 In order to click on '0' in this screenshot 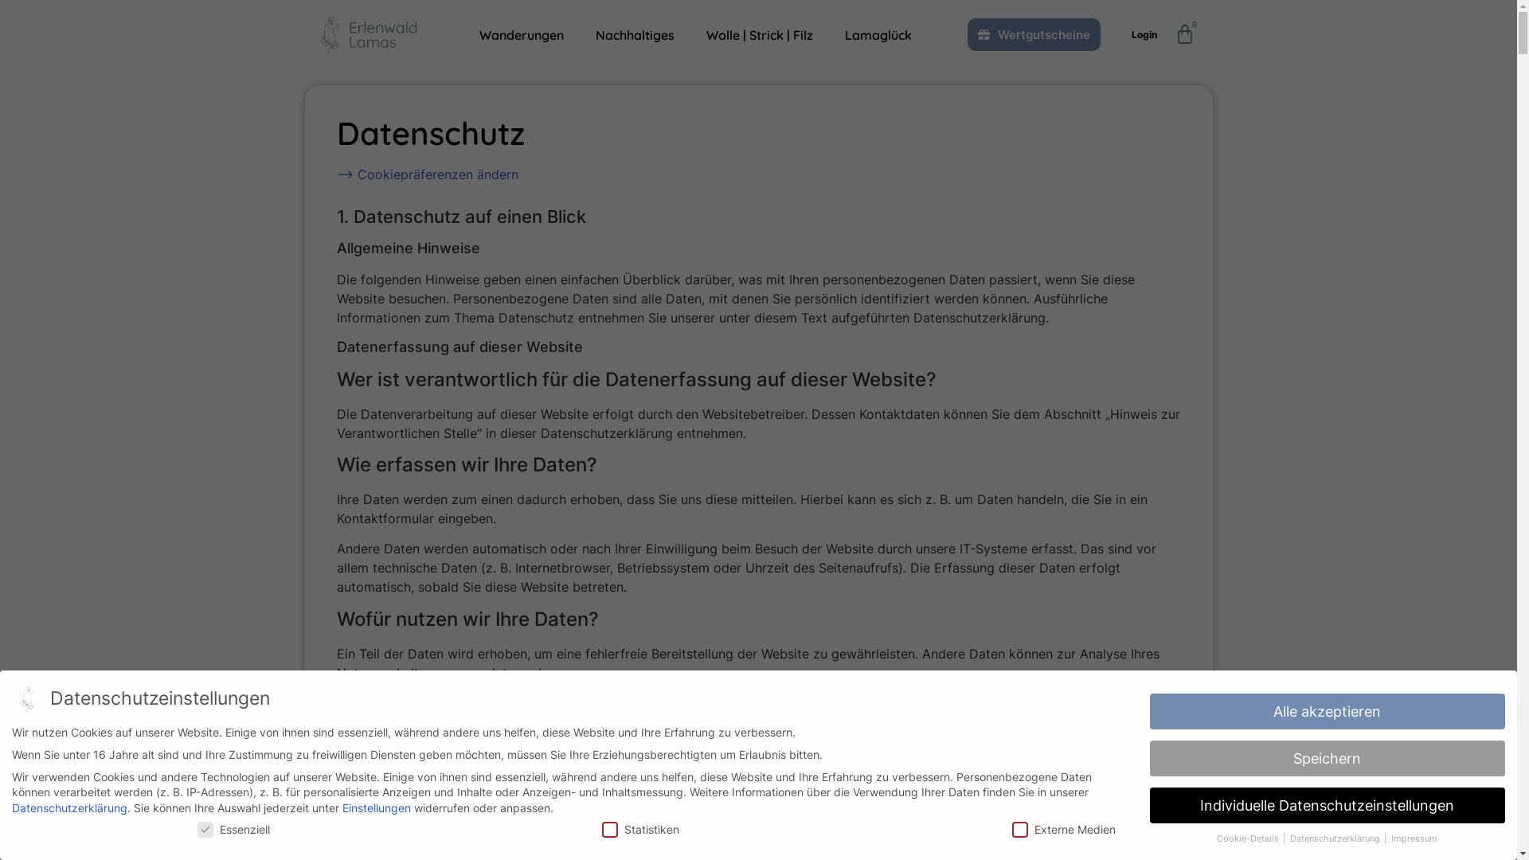, I will do `click(1185, 33)`.